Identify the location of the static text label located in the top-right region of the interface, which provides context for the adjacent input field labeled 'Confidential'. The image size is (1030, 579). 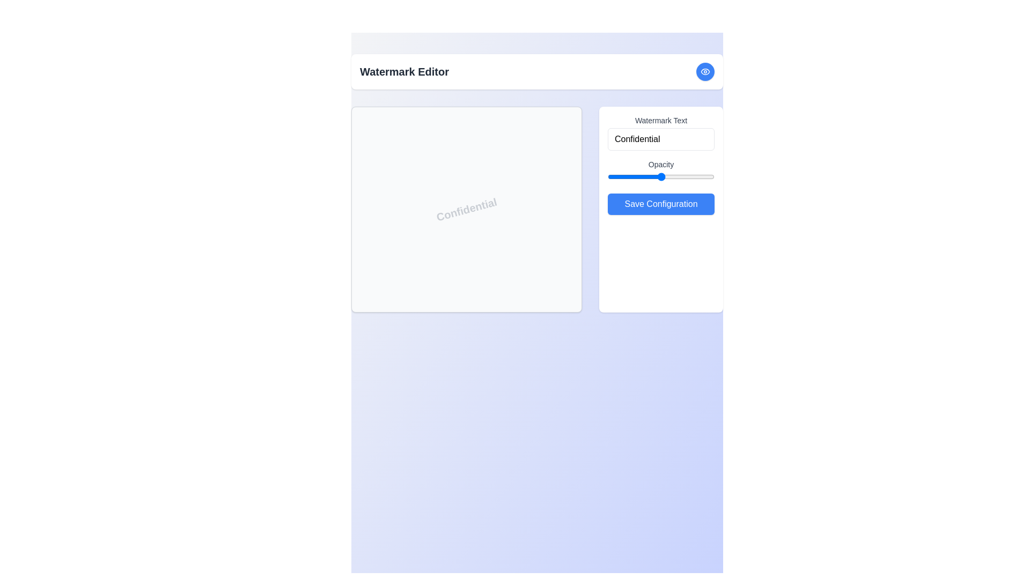
(660, 120).